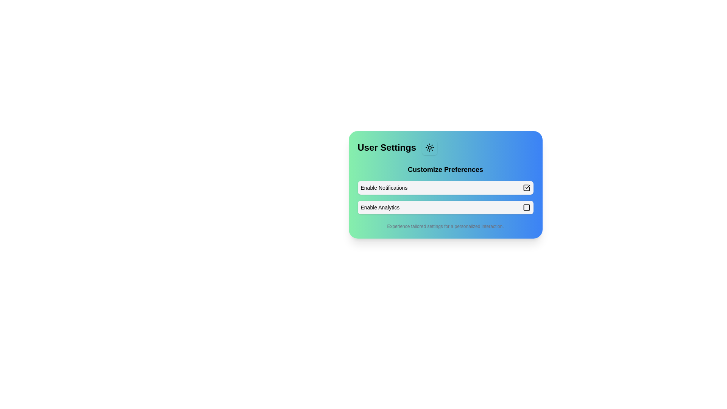 The width and height of the screenshot is (727, 409). Describe the element at coordinates (526, 187) in the screenshot. I see `the checkbox for 'Enable Notifications'` at that location.